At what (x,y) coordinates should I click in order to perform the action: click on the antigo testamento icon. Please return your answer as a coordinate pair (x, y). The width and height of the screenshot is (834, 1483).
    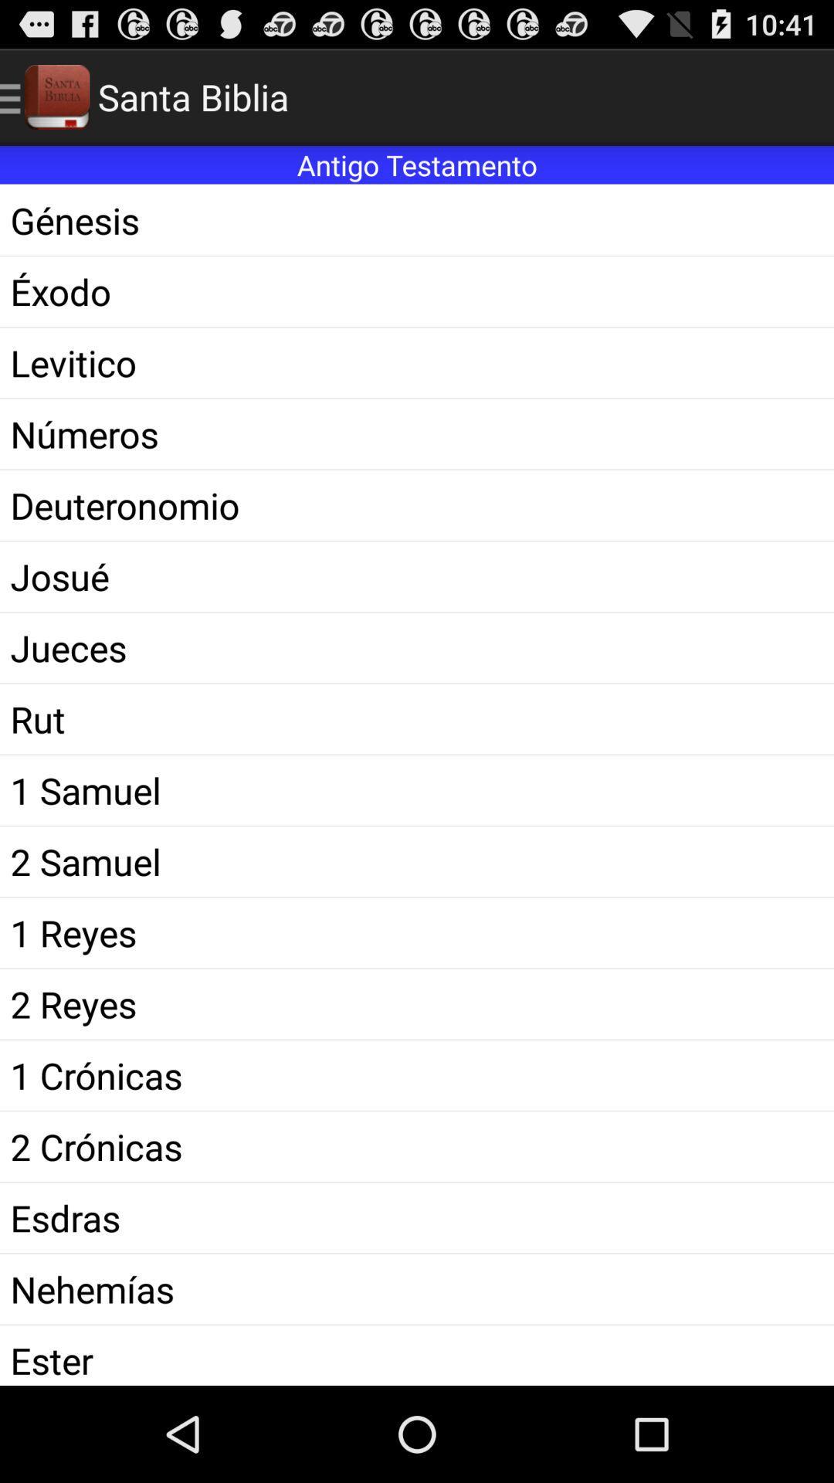
    Looking at the image, I should click on (417, 165).